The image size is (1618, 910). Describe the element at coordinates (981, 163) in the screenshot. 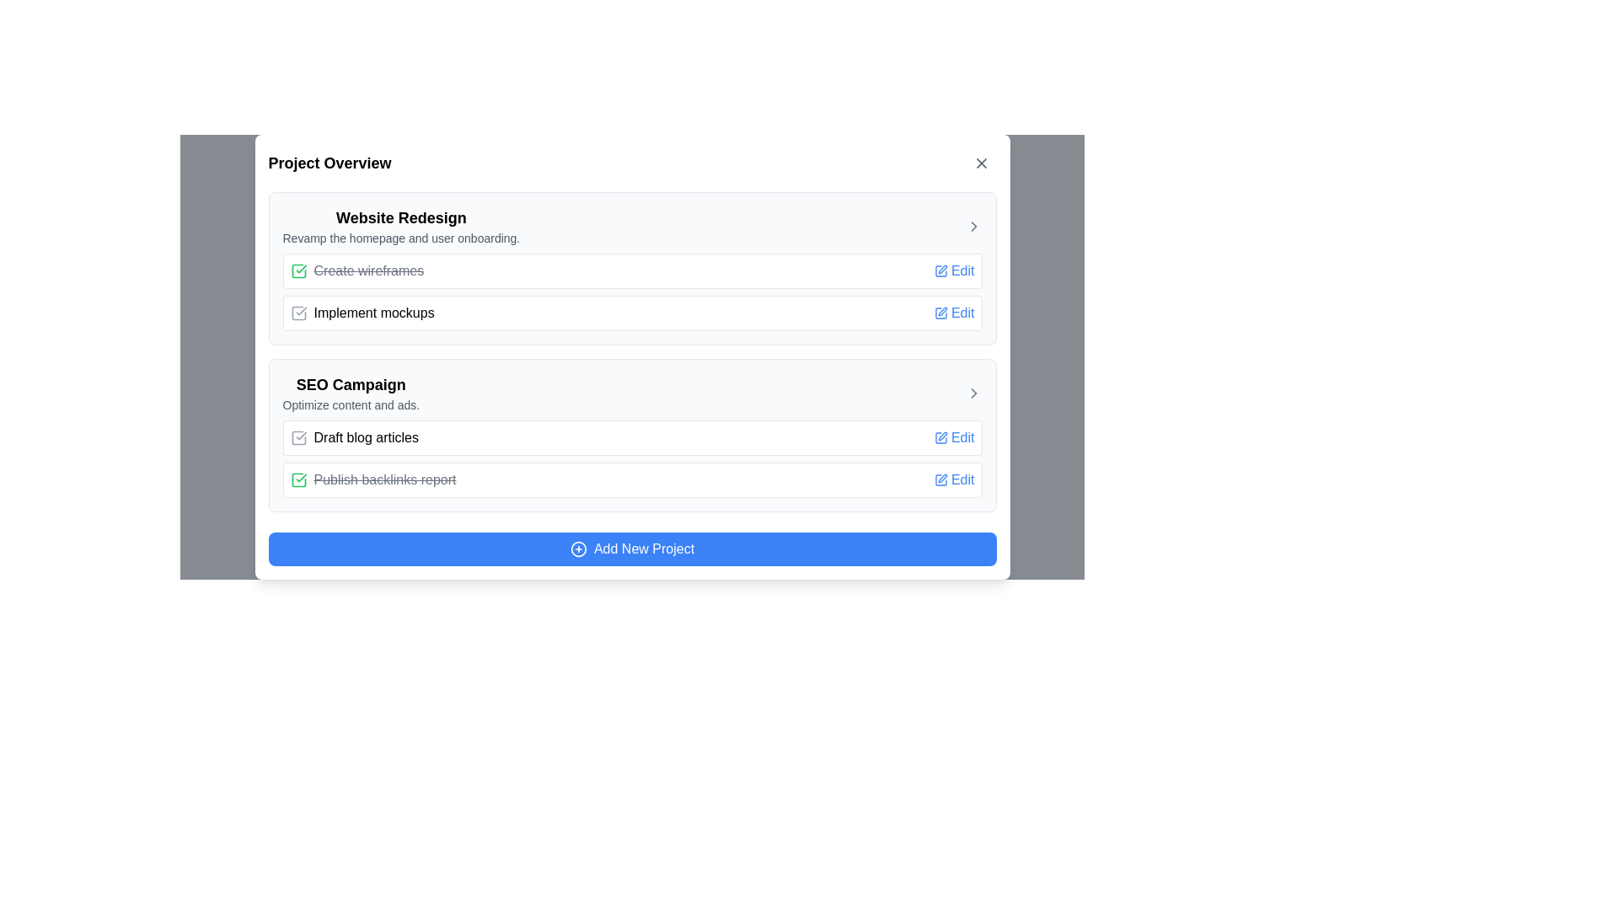

I see `the 'Close' button icon located at the top-right corner of the modal window` at that location.